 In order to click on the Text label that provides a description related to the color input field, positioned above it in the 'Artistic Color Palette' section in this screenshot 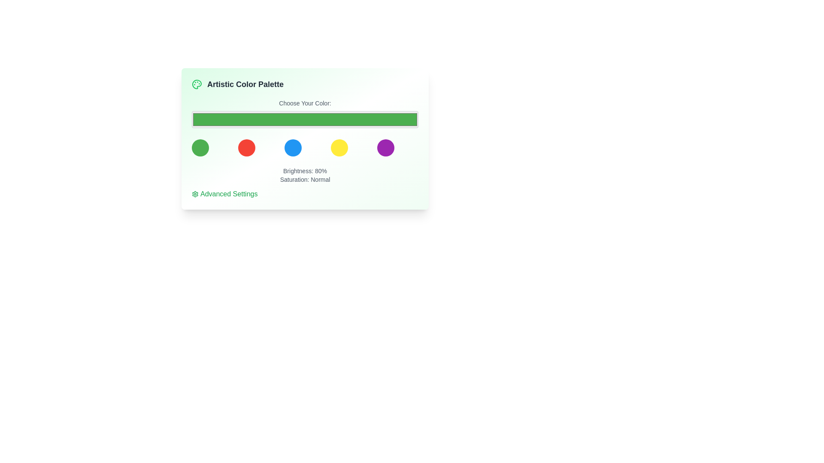, I will do `click(305, 102)`.